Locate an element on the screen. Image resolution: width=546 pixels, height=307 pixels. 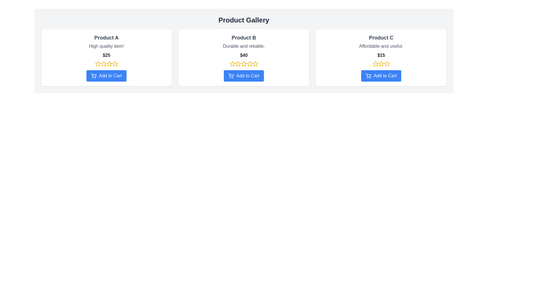
the fourth yellow star icon in the rating section for Product A is located at coordinates (109, 64).